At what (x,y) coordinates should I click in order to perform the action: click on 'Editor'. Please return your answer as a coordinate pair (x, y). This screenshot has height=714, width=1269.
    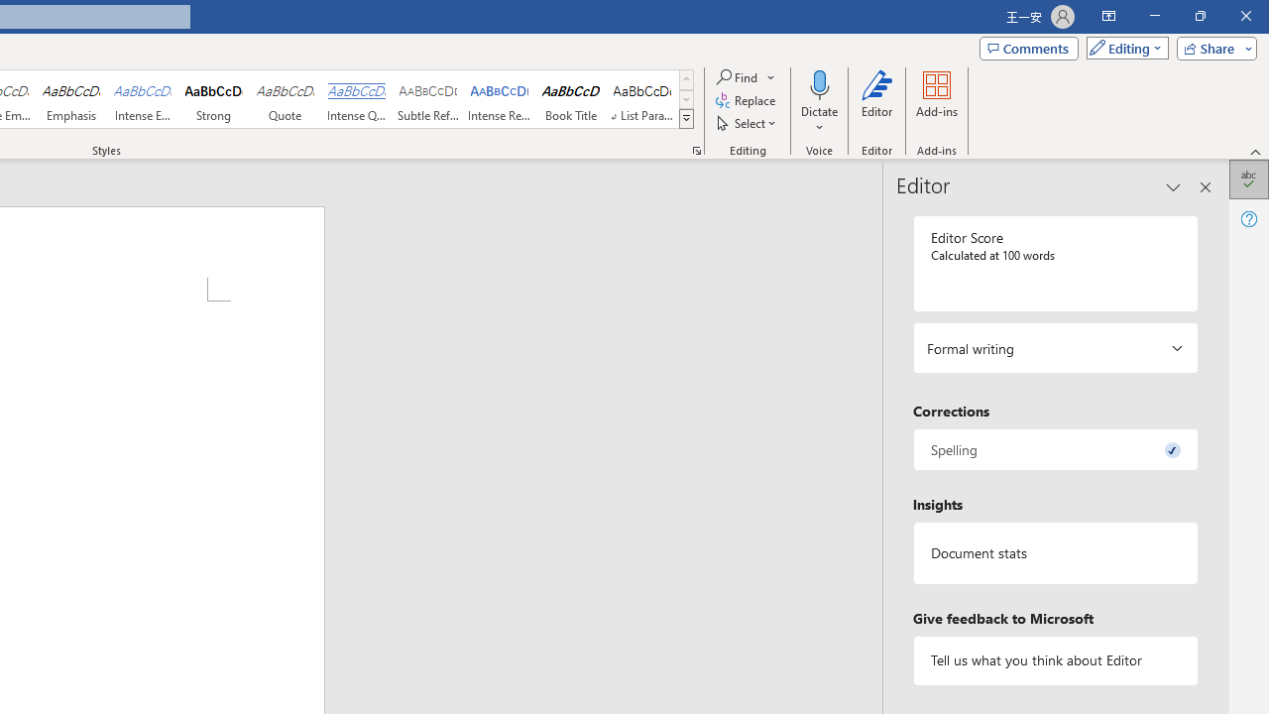
    Looking at the image, I should click on (876, 102).